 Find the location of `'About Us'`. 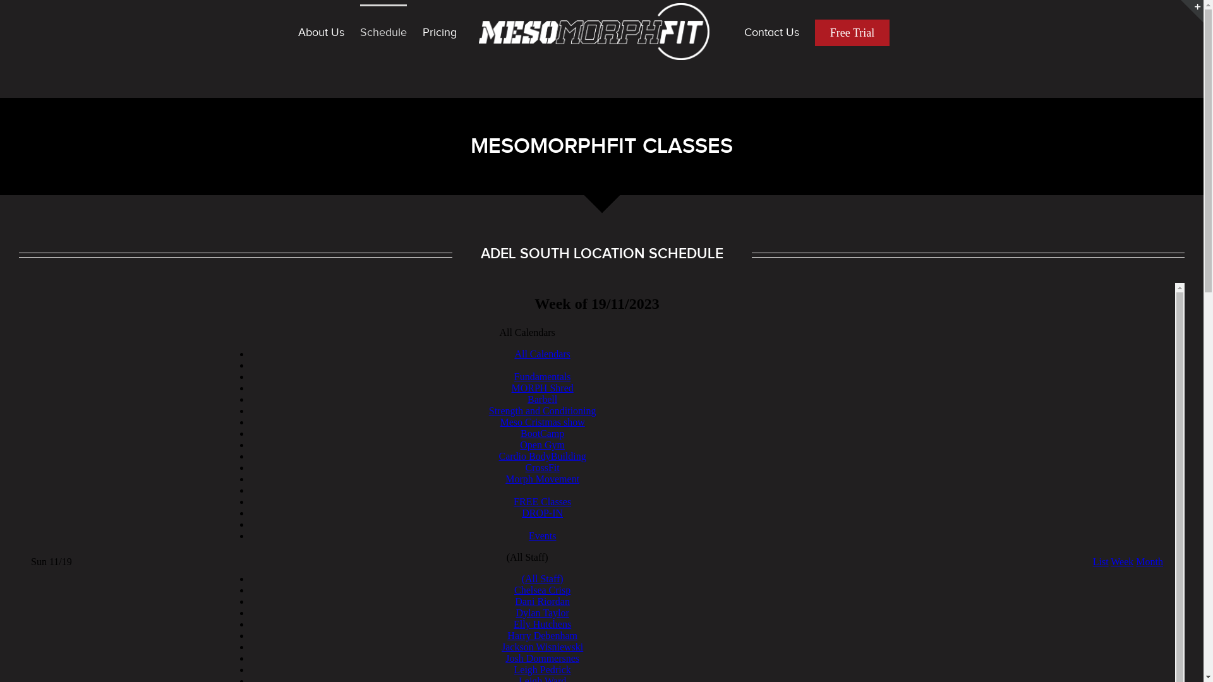

'About Us' is located at coordinates (297, 31).